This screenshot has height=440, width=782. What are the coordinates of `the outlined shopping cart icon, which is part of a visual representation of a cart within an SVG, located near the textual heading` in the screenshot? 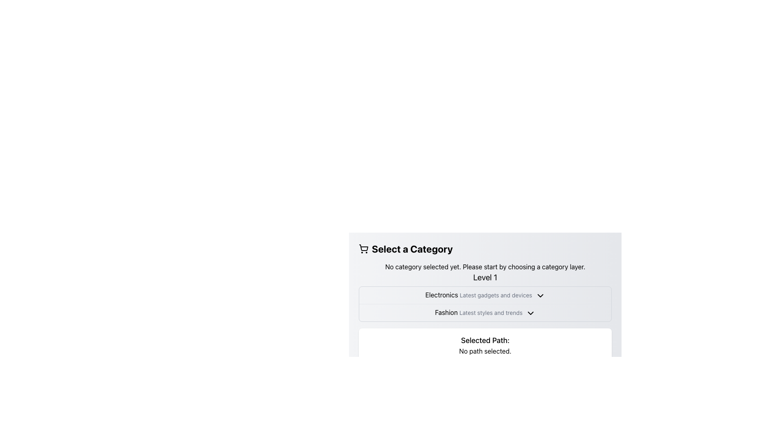 It's located at (363, 247).